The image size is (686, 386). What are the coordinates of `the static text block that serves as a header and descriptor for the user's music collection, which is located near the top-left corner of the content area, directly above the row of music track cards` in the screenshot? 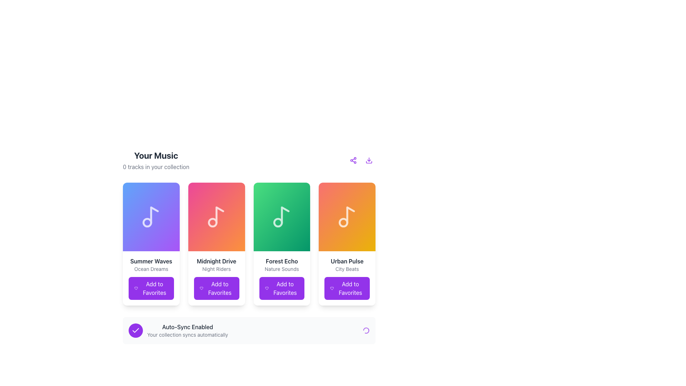 It's located at (155, 160).